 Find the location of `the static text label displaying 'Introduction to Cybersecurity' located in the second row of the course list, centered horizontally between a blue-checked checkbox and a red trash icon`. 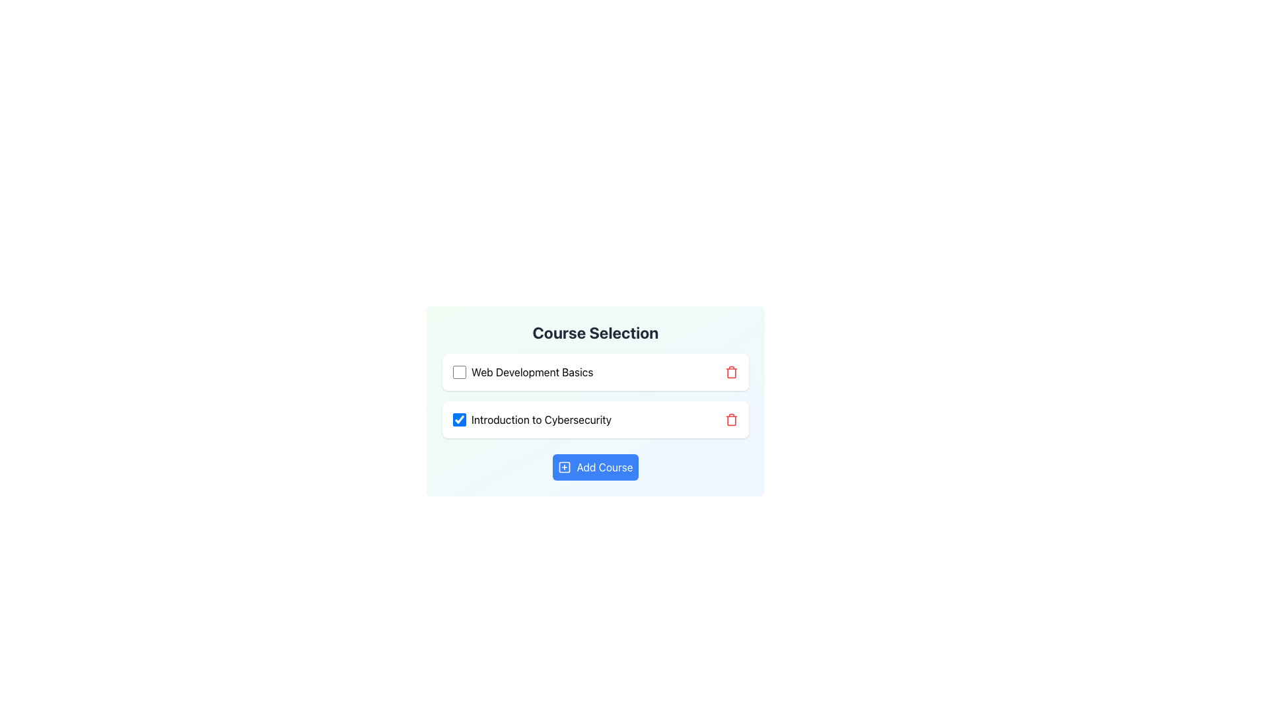

the static text label displaying 'Introduction to Cybersecurity' located in the second row of the course list, centered horizontally between a blue-checked checkbox and a red trash icon is located at coordinates (542, 420).